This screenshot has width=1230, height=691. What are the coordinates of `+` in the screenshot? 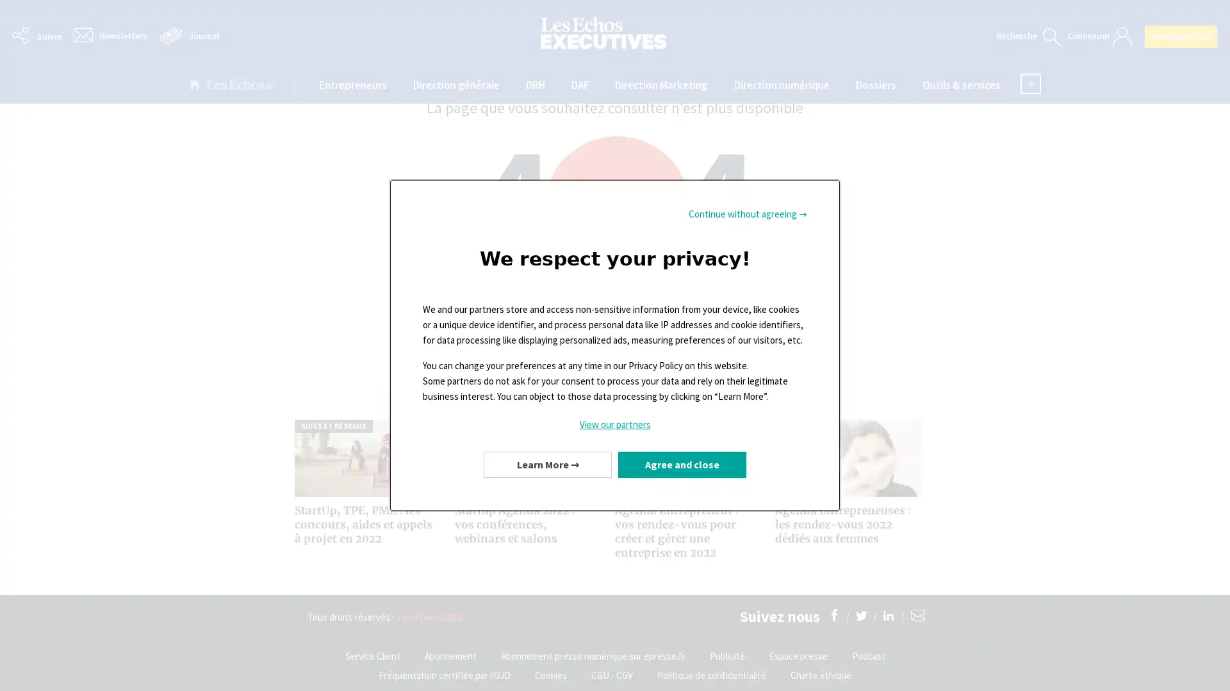 It's located at (1030, 84).